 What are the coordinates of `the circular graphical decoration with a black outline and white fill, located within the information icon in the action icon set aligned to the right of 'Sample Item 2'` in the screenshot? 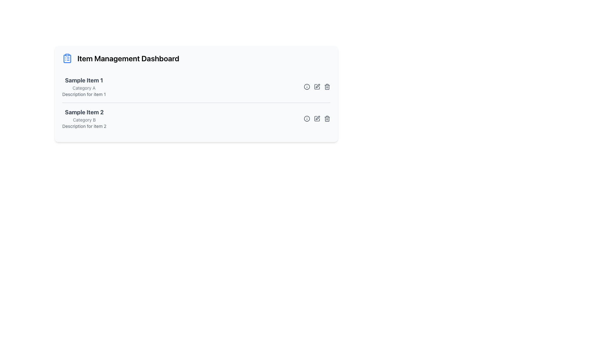 It's located at (307, 87).